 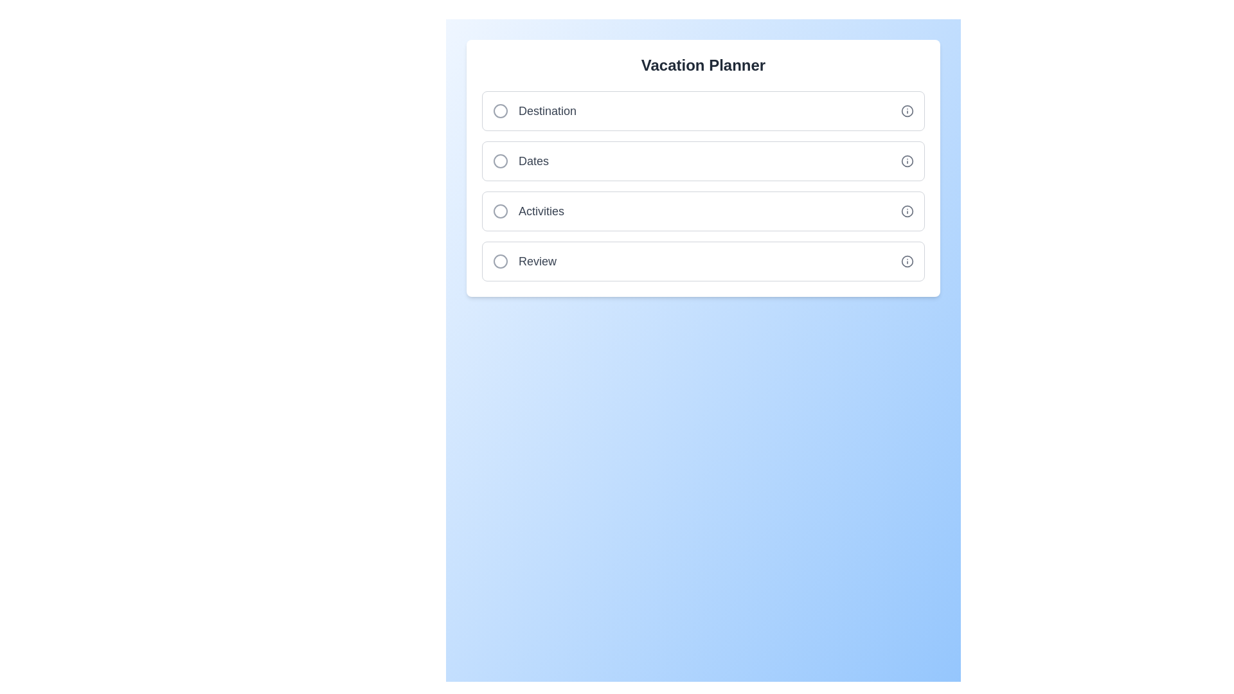 What do you see at coordinates (906, 261) in the screenshot?
I see `the 'Info' icon of the Review step to view additional information` at bounding box center [906, 261].